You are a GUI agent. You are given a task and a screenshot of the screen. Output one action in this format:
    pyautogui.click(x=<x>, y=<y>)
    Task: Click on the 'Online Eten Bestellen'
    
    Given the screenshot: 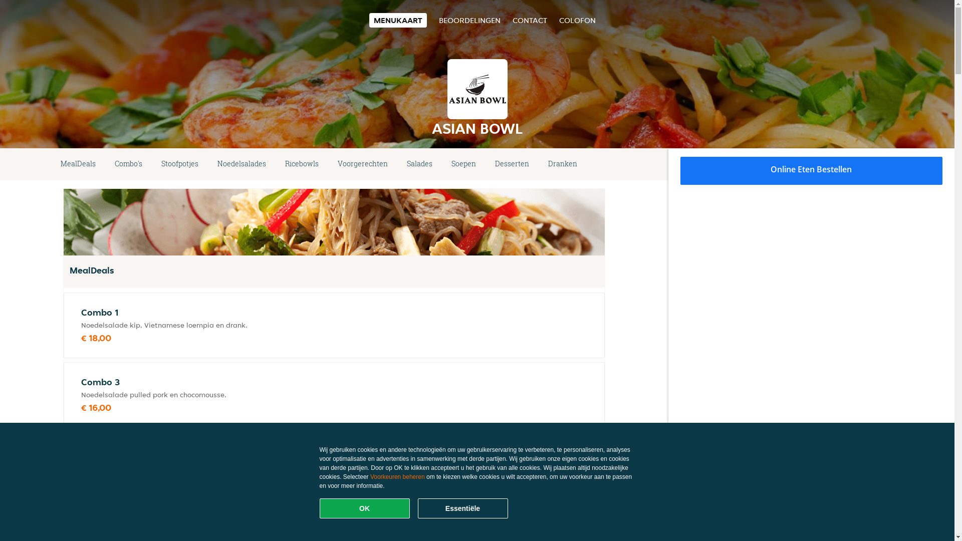 What is the action you would take?
    pyautogui.click(x=812, y=170)
    